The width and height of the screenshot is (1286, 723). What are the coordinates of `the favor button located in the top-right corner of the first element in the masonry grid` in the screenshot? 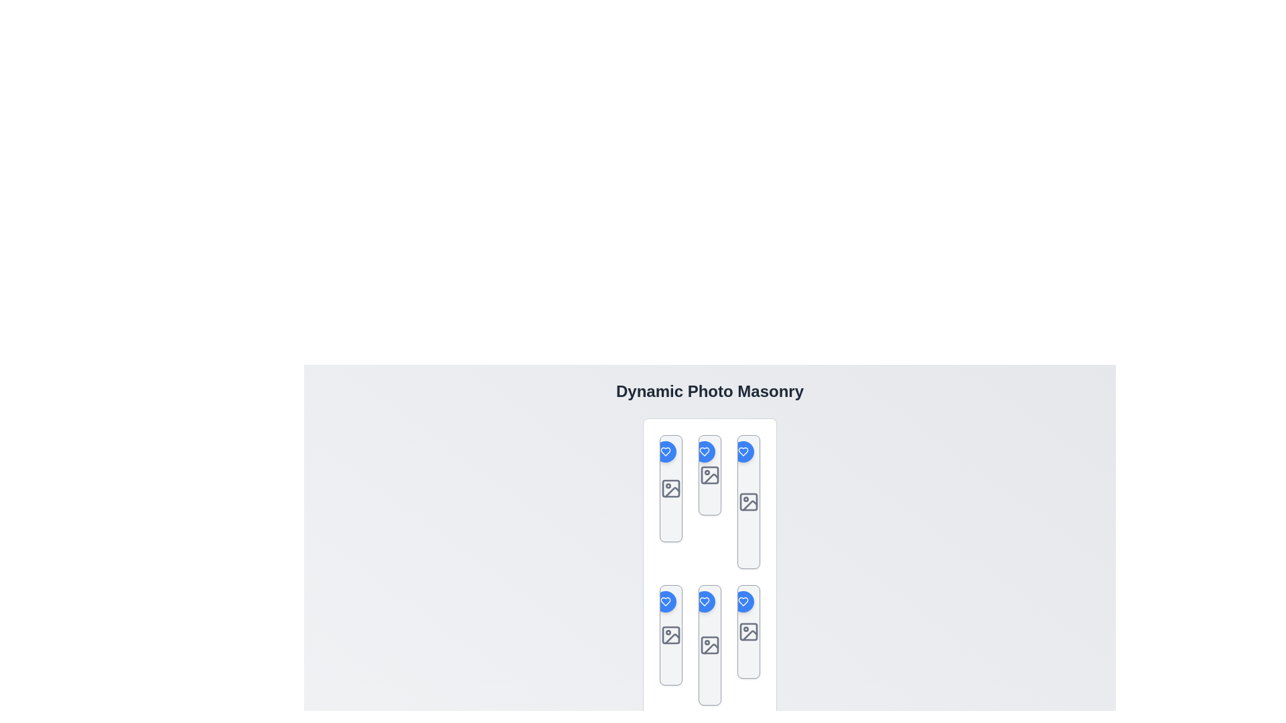 It's located at (665, 452).